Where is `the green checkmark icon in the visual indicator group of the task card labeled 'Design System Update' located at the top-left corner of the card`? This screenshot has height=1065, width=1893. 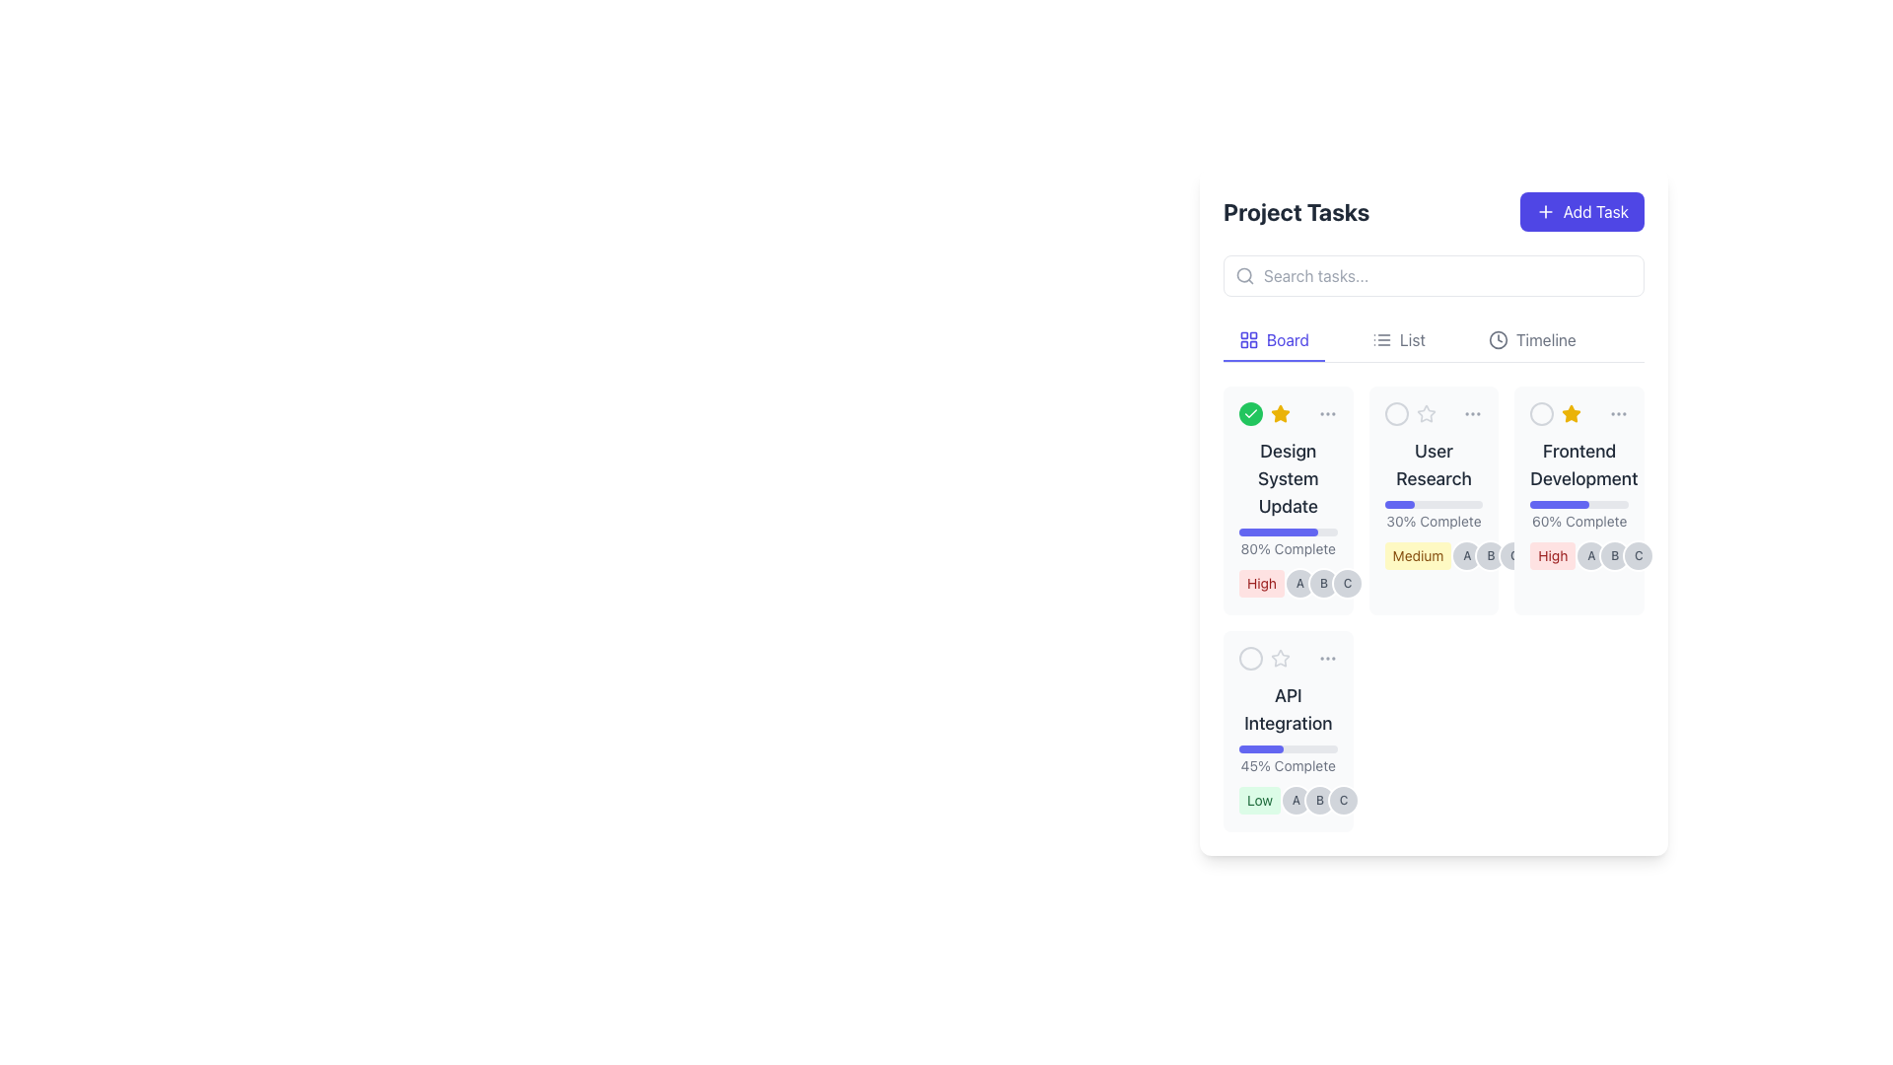 the green checkmark icon in the visual indicator group of the task card labeled 'Design System Update' located at the top-left corner of the card is located at coordinates (1264, 413).